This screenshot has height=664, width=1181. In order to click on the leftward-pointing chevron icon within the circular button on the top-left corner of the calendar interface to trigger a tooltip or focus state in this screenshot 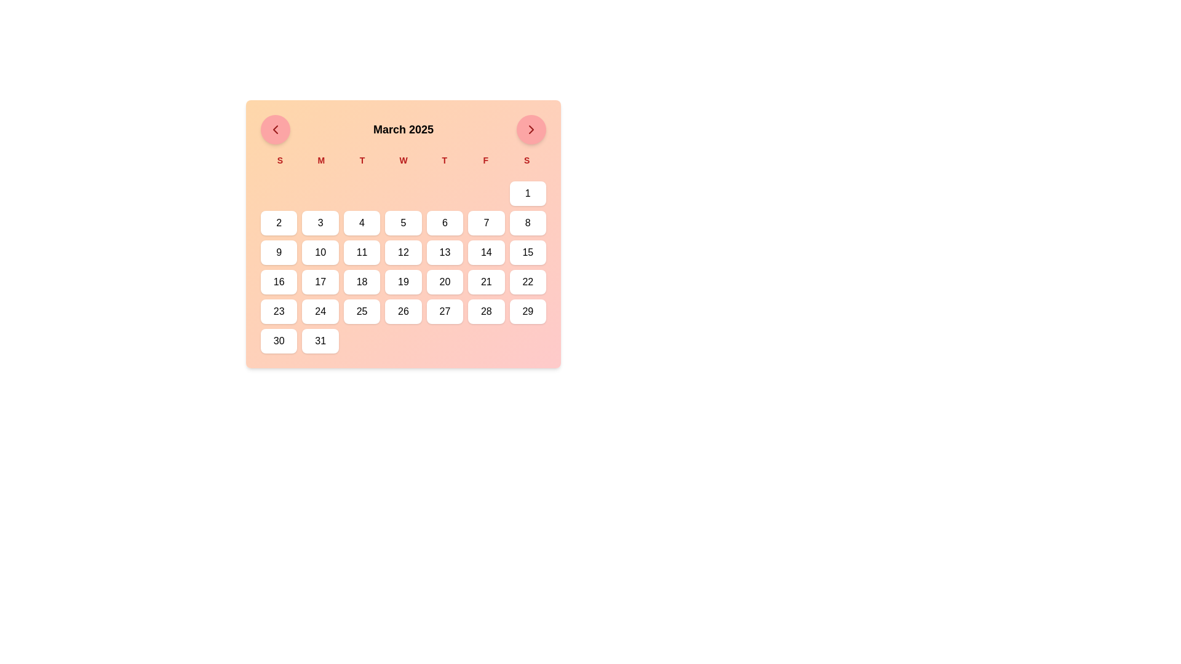, I will do `click(274, 130)`.